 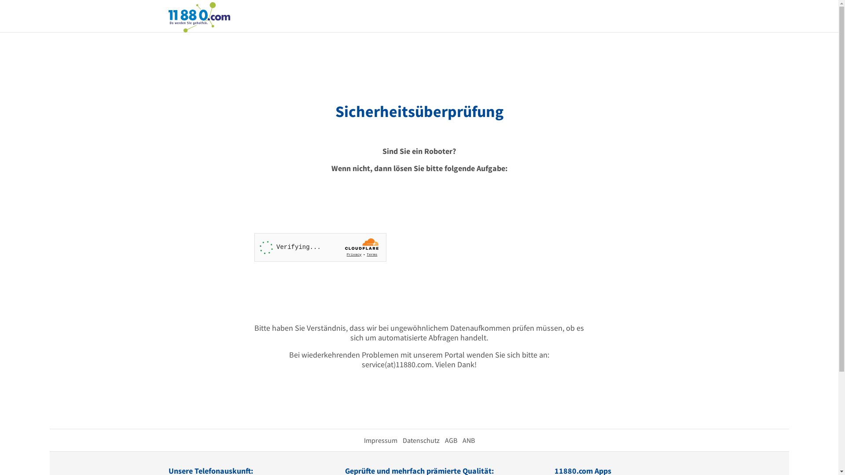 I want to click on 'Impressum', so click(x=380, y=440).